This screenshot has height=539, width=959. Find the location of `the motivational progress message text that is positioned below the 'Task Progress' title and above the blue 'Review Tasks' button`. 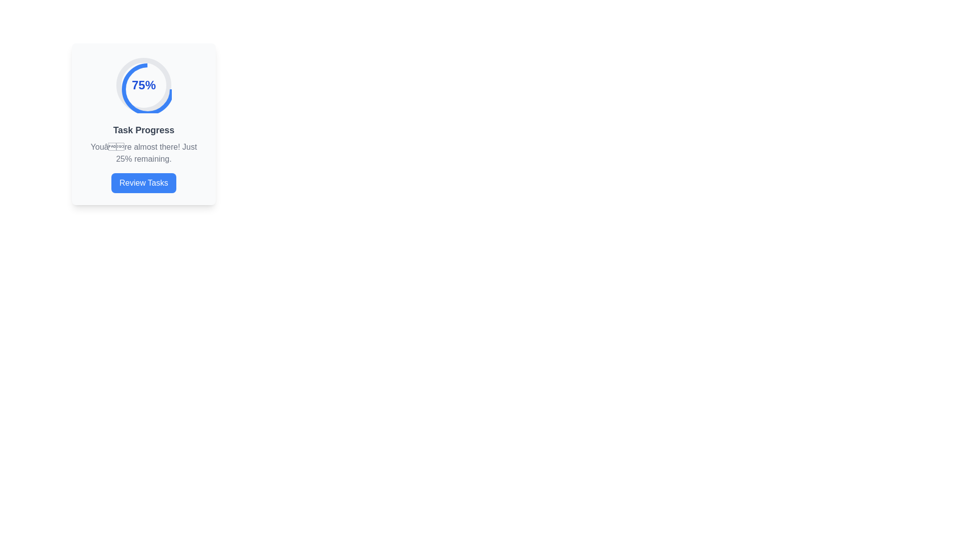

the motivational progress message text that is positioned below the 'Task Progress' title and above the blue 'Review Tasks' button is located at coordinates (143, 153).